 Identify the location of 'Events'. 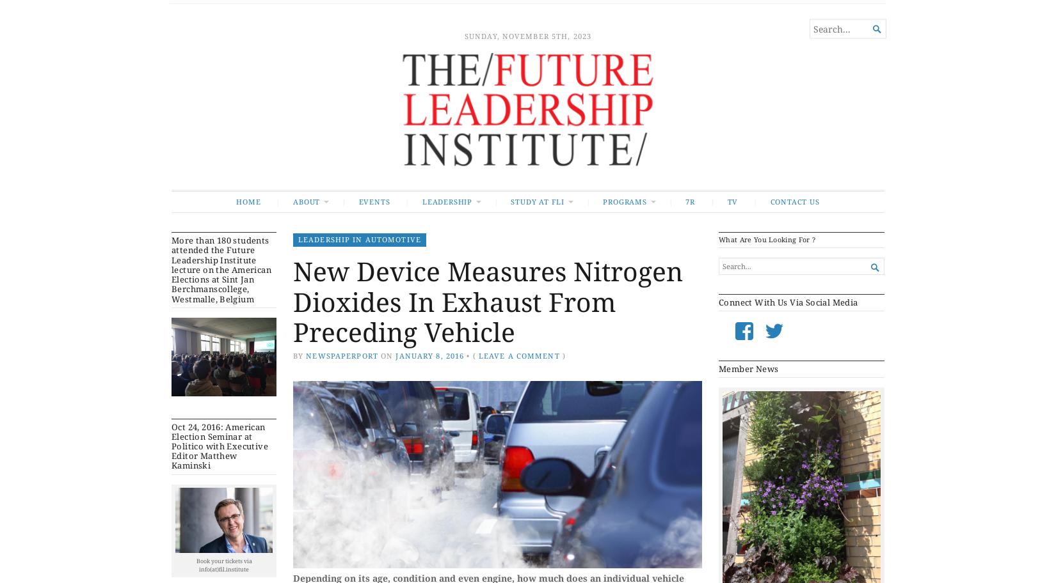
(373, 201).